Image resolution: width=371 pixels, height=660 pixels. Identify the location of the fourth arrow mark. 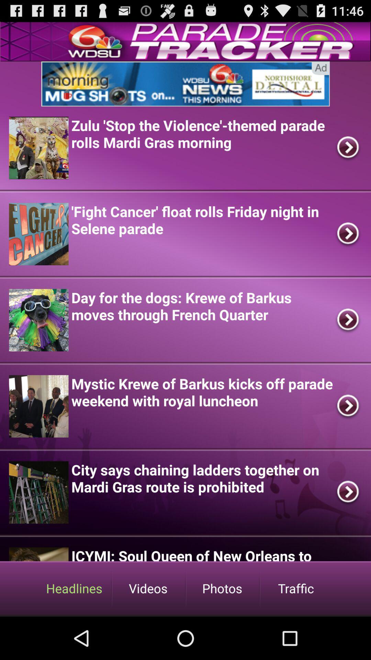
(348, 406).